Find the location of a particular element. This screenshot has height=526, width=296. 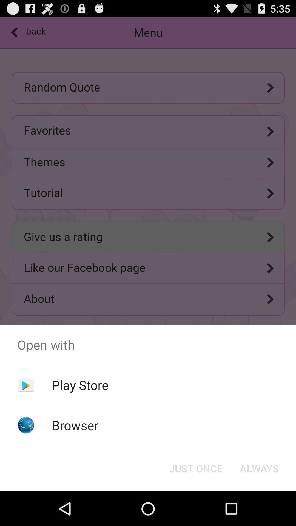

browser item is located at coordinates (75, 425).